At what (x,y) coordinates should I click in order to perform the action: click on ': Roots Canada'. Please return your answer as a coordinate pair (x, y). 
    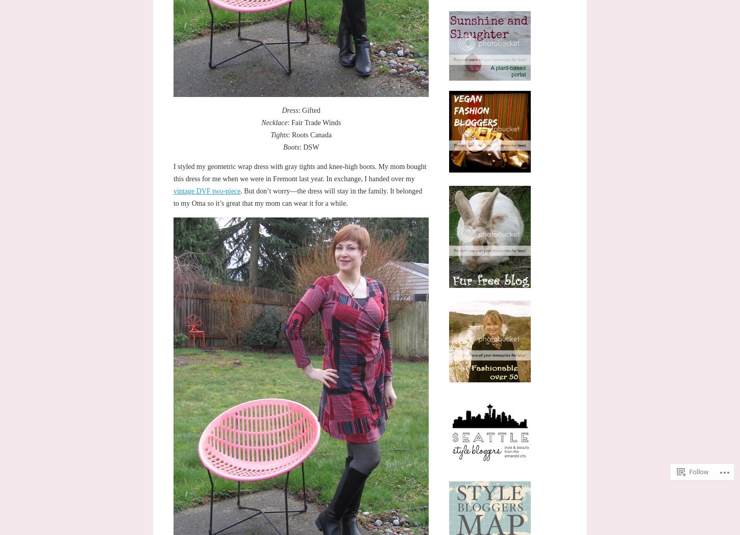
    Looking at the image, I should click on (288, 134).